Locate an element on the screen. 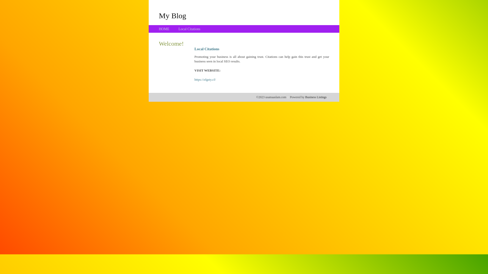 The width and height of the screenshot is (488, 274). 'My Blog' is located at coordinates (172, 15).